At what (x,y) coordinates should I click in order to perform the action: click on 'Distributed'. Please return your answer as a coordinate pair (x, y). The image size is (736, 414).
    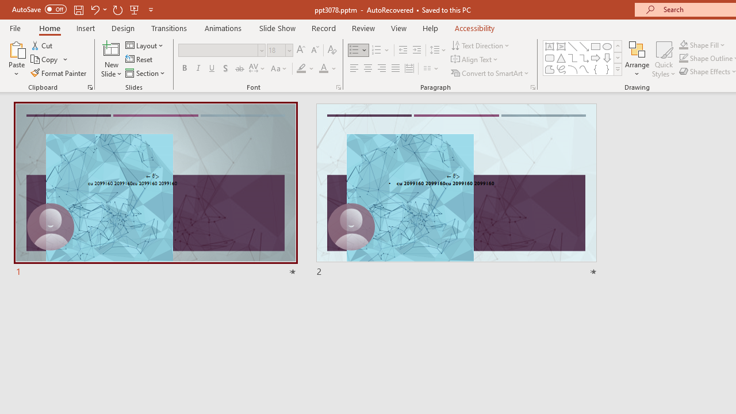
    Looking at the image, I should click on (409, 68).